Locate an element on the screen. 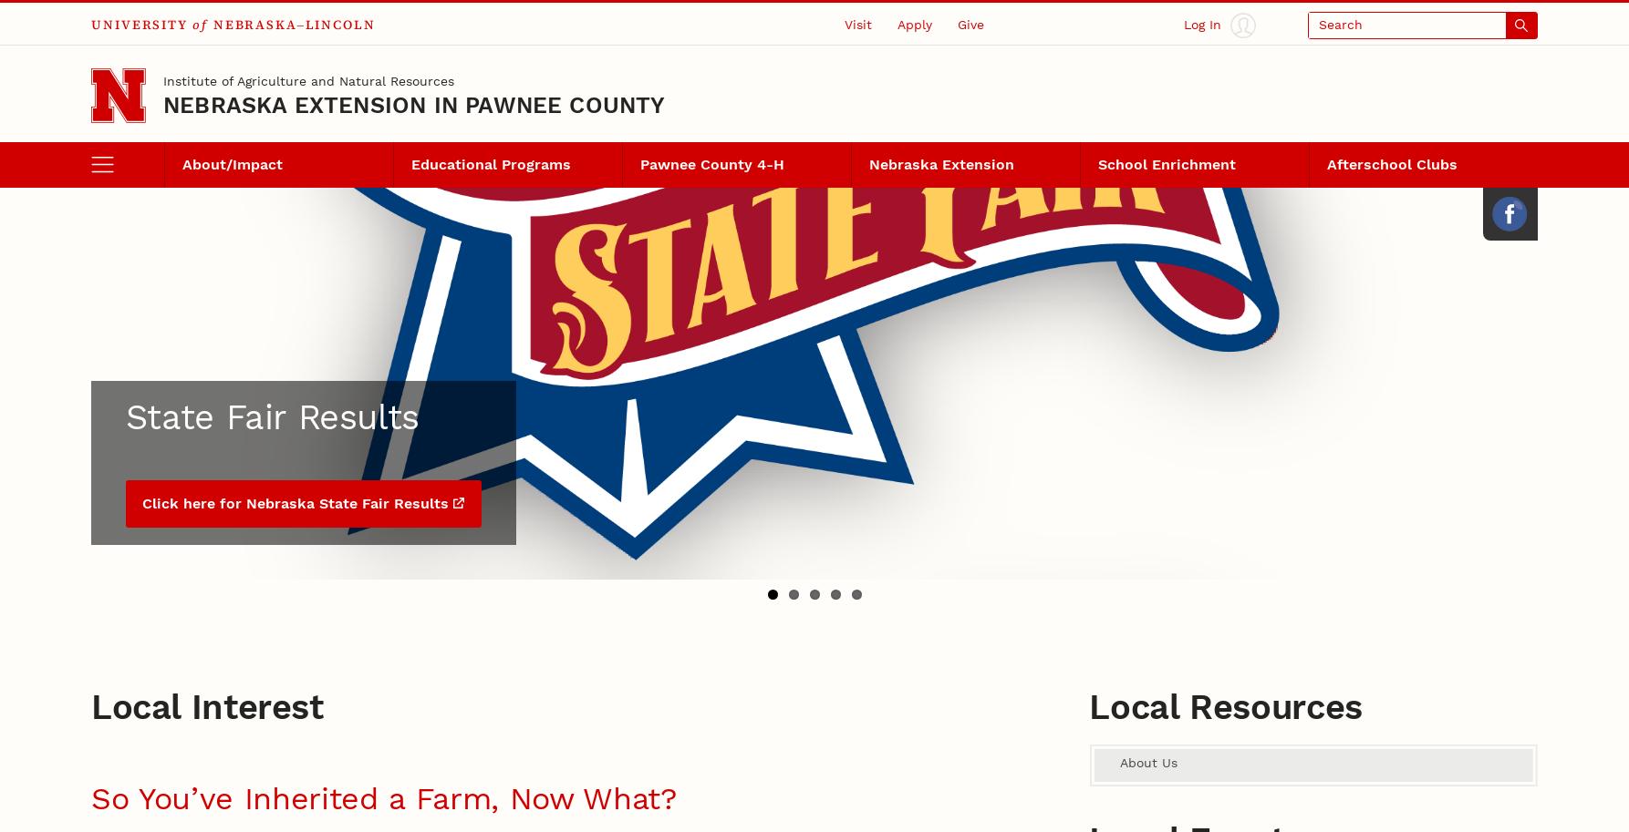  'Reporter's Handbook' is located at coordinates (621, 234).